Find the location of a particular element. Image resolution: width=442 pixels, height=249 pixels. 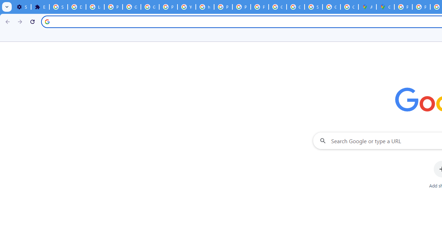

'Reload' is located at coordinates (32, 21).